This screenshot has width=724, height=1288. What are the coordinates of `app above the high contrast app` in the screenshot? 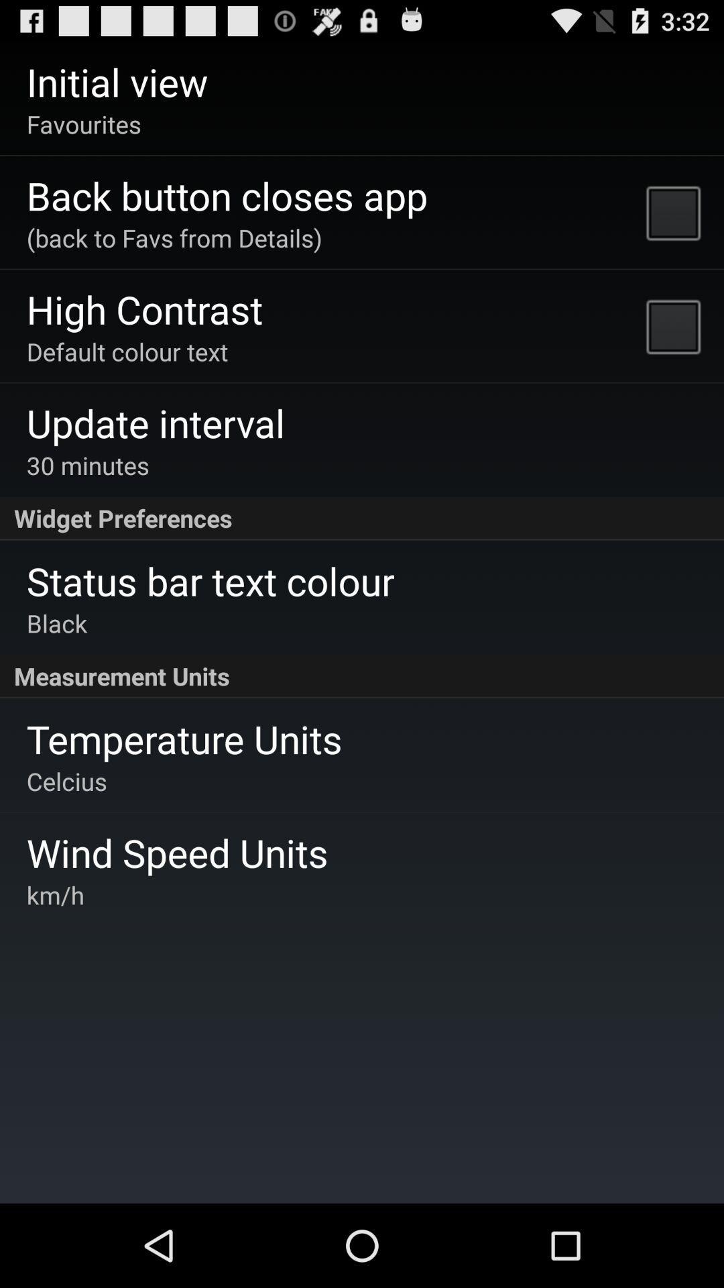 It's located at (174, 237).